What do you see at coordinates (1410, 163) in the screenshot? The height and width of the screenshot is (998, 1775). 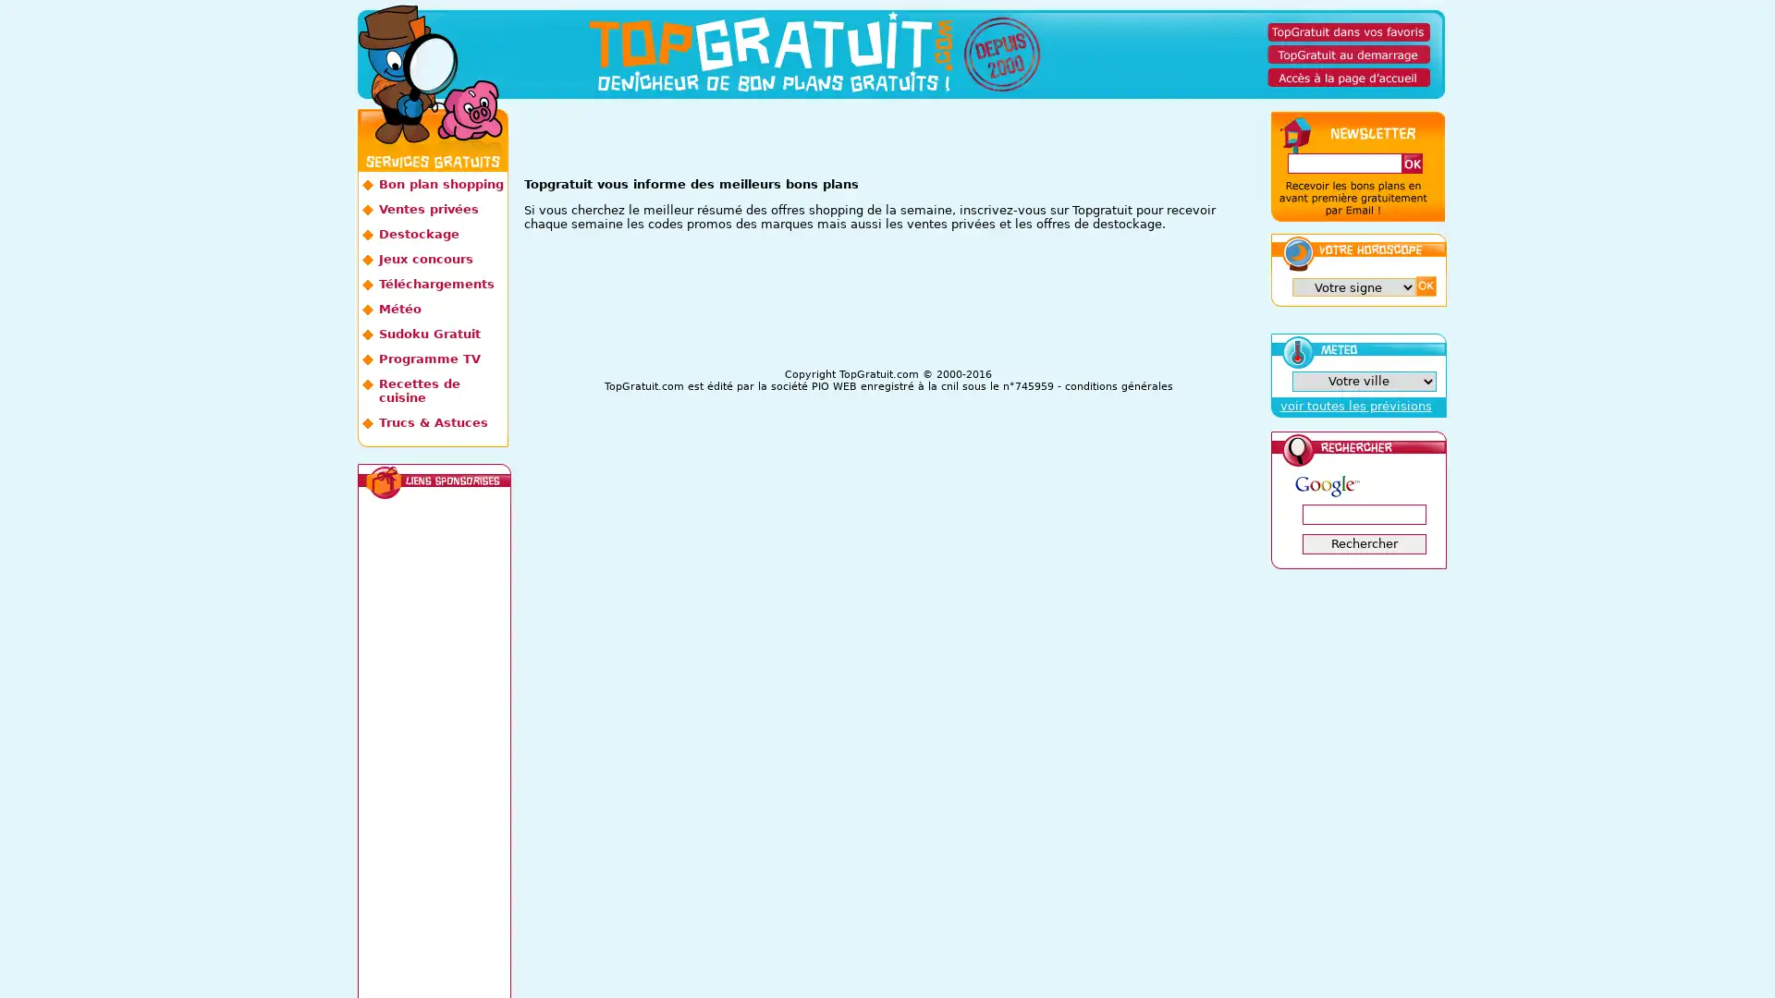 I see `Submit` at bounding box center [1410, 163].